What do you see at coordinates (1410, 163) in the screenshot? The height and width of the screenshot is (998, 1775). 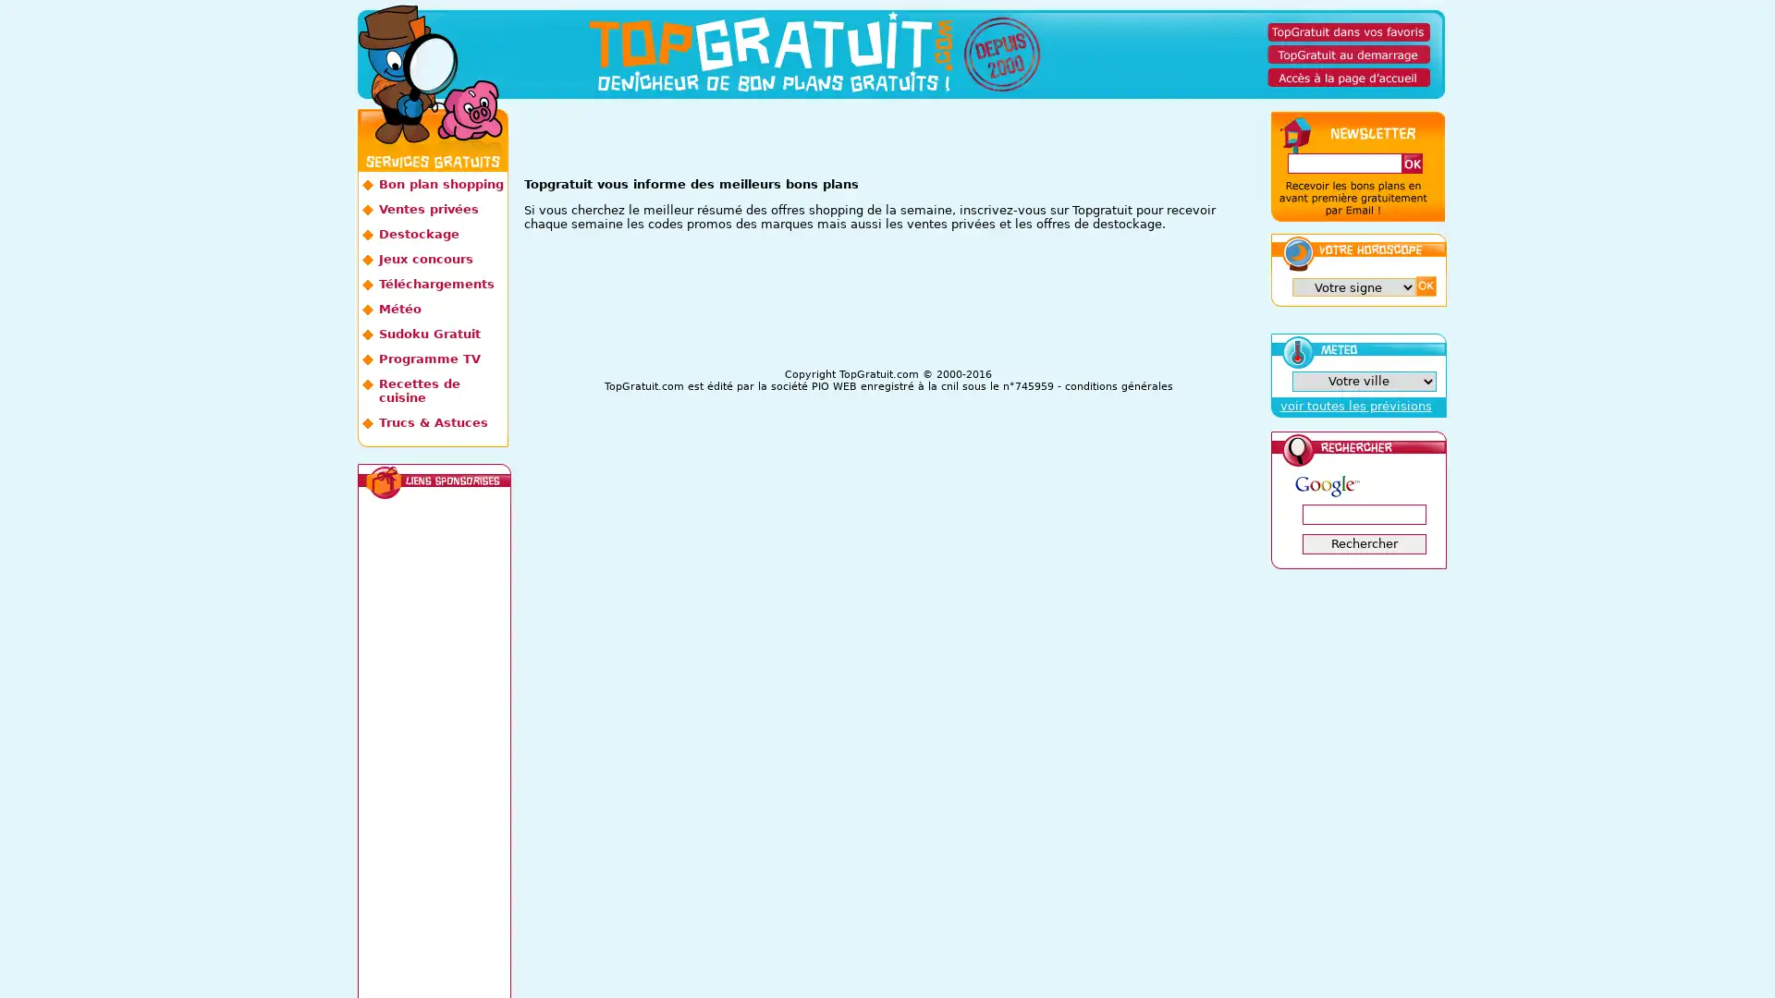 I see `Submit` at bounding box center [1410, 163].